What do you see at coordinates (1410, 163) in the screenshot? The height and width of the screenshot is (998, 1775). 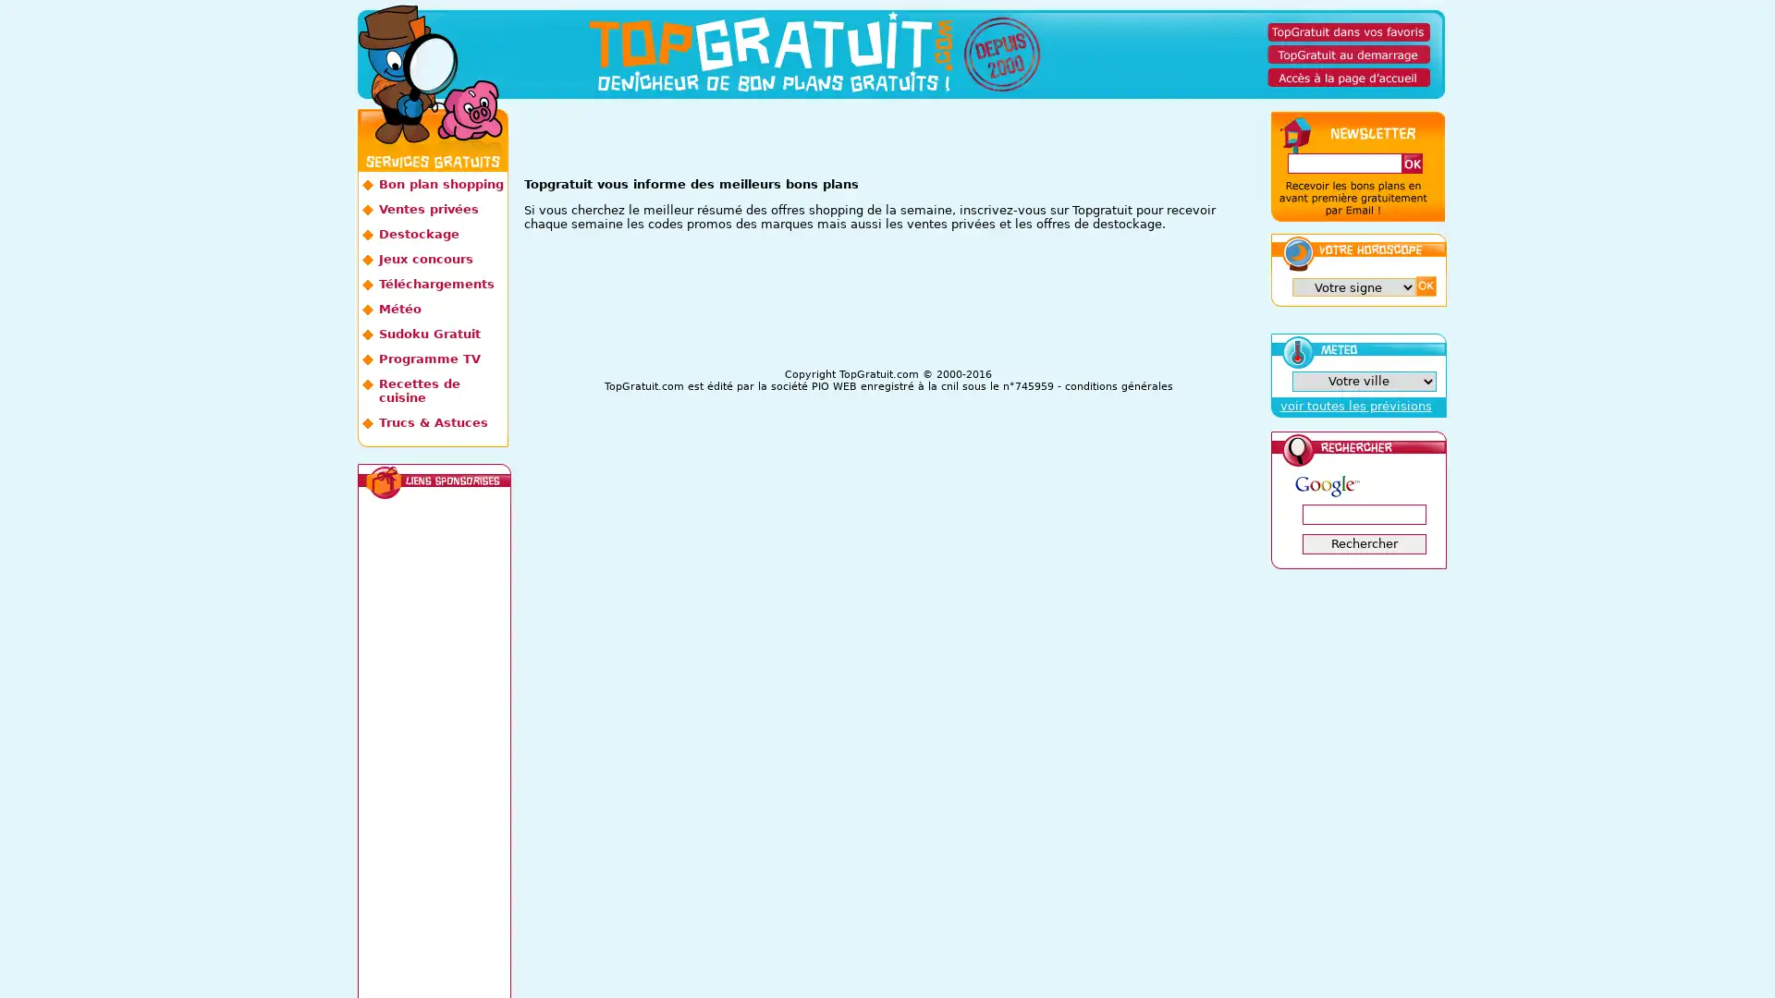 I see `Submit` at bounding box center [1410, 163].